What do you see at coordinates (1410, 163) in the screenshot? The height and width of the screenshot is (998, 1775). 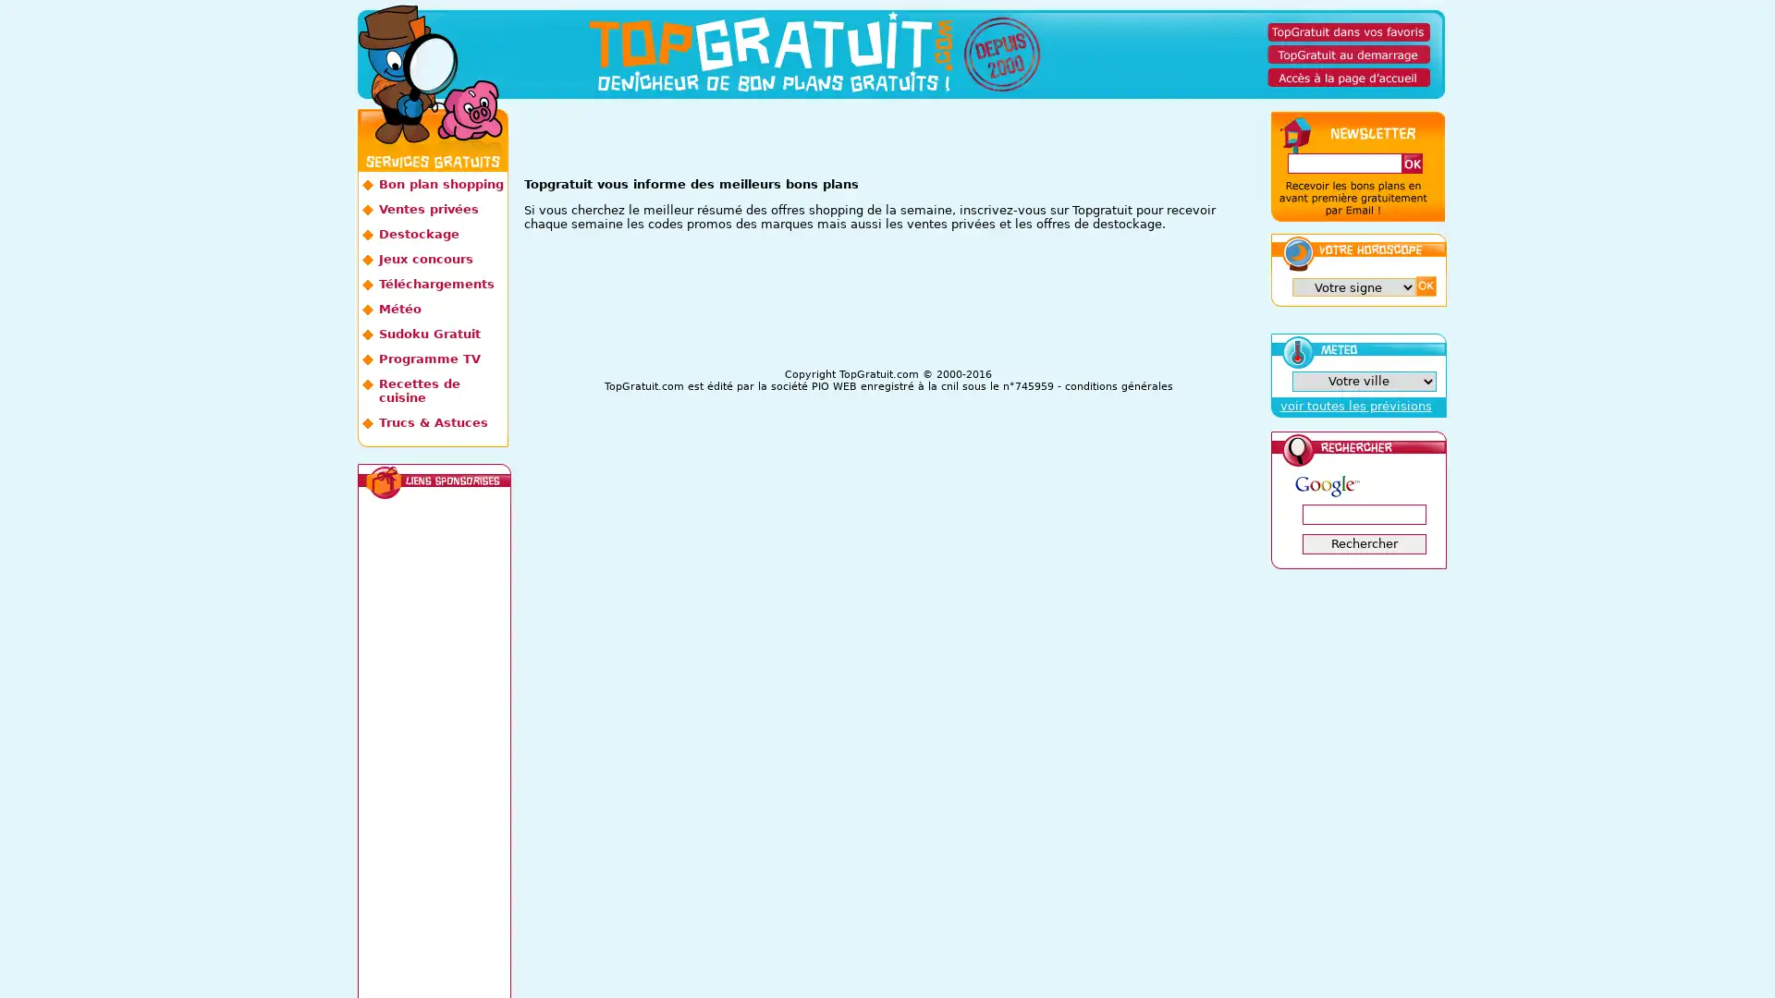 I see `Submit` at bounding box center [1410, 163].